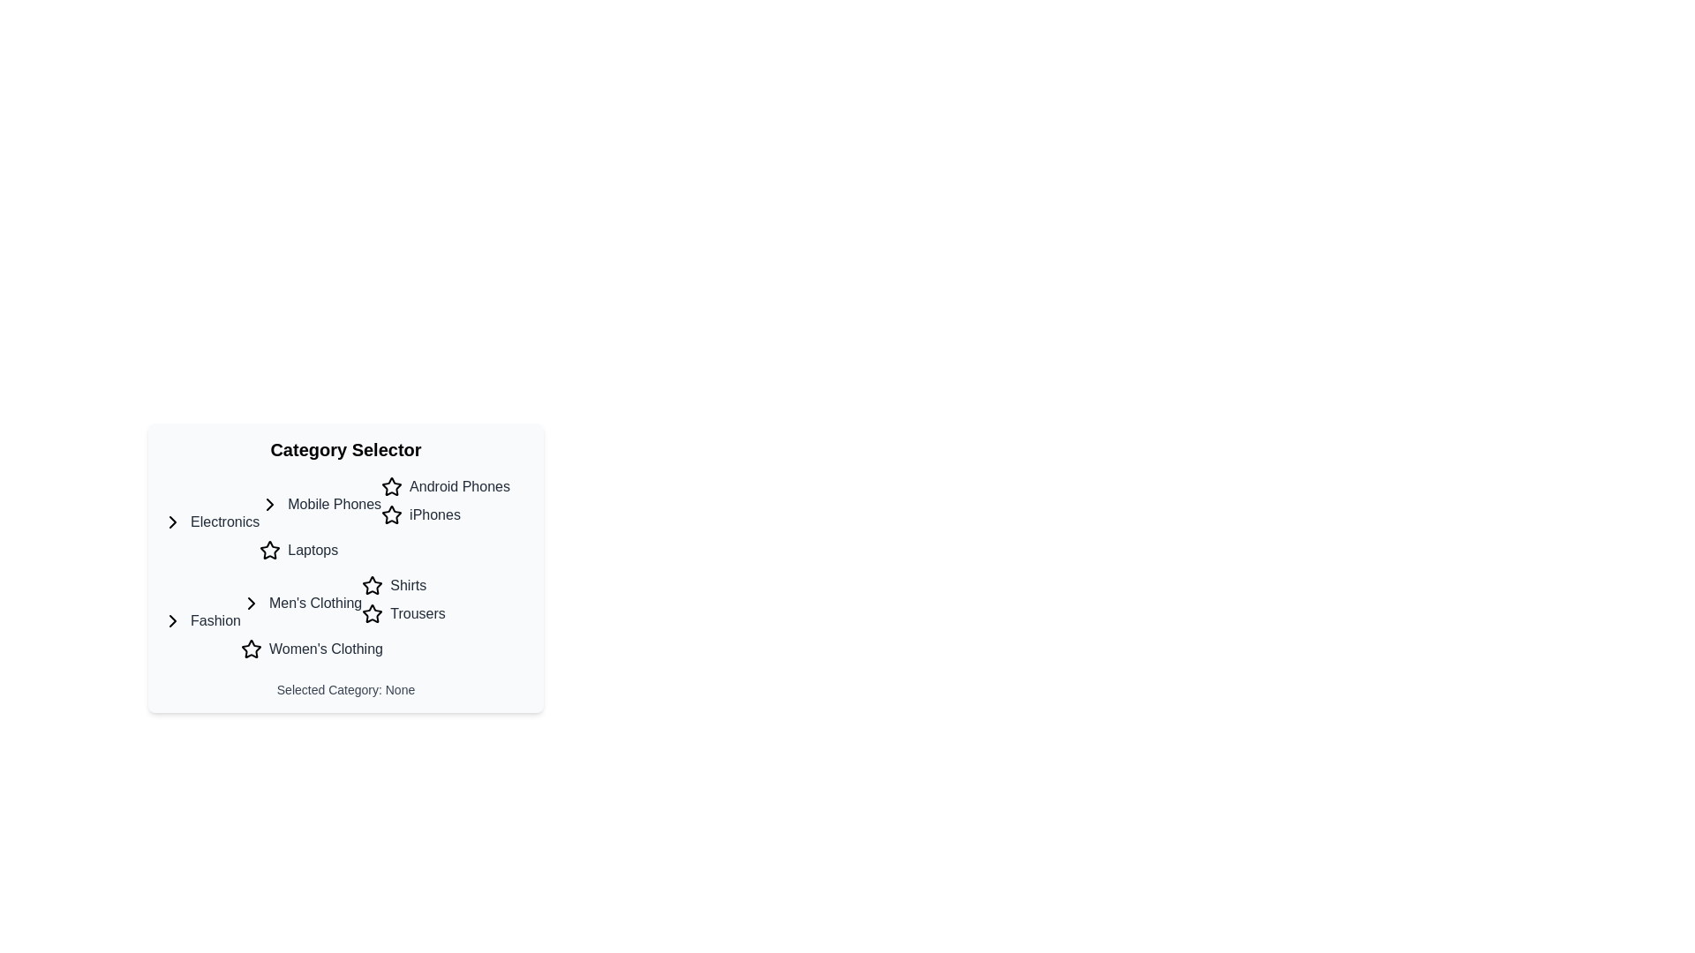 The image size is (1695, 953). What do you see at coordinates (372, 585) in the screenshot?
I see `the black outlined star icon located to the left of the 'Shirts' label in the 'Men's Clothing' category selector box` at bounding box center [372, 585].